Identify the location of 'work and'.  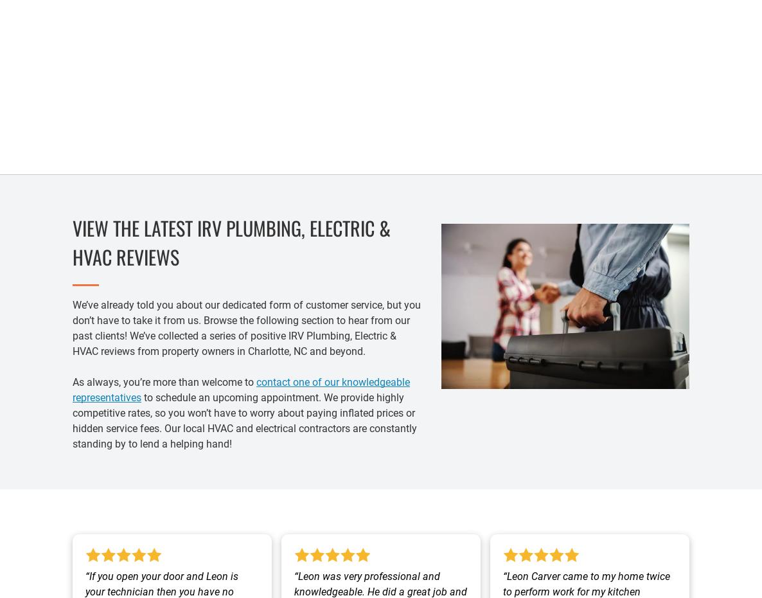
(621, 95).